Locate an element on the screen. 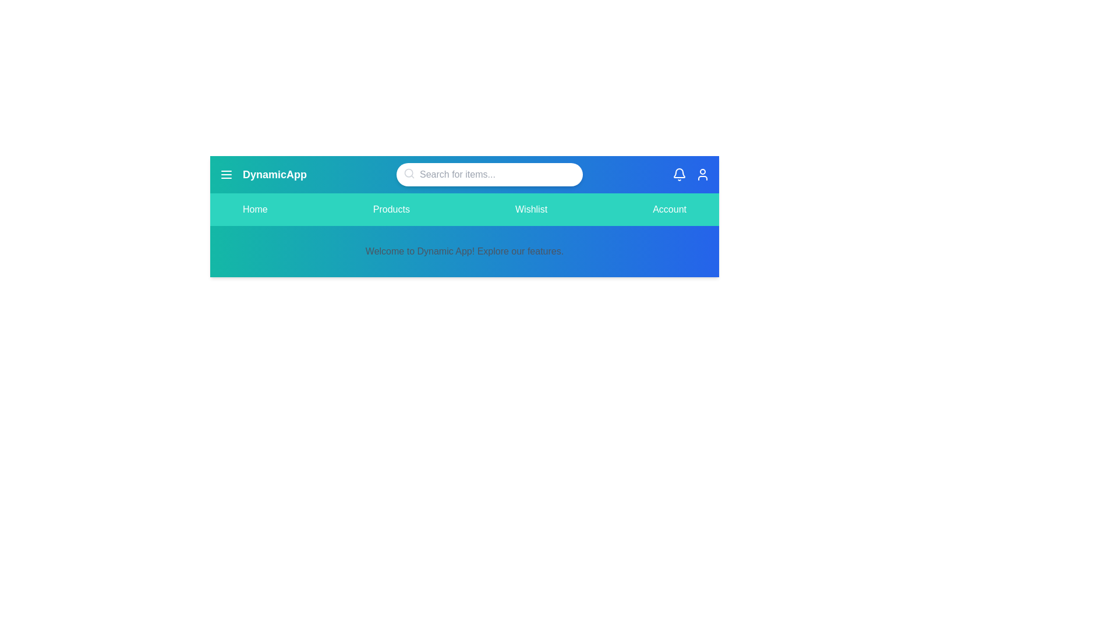  the menu icon to toggle the menu visibility is located at coordinates (226, 175).